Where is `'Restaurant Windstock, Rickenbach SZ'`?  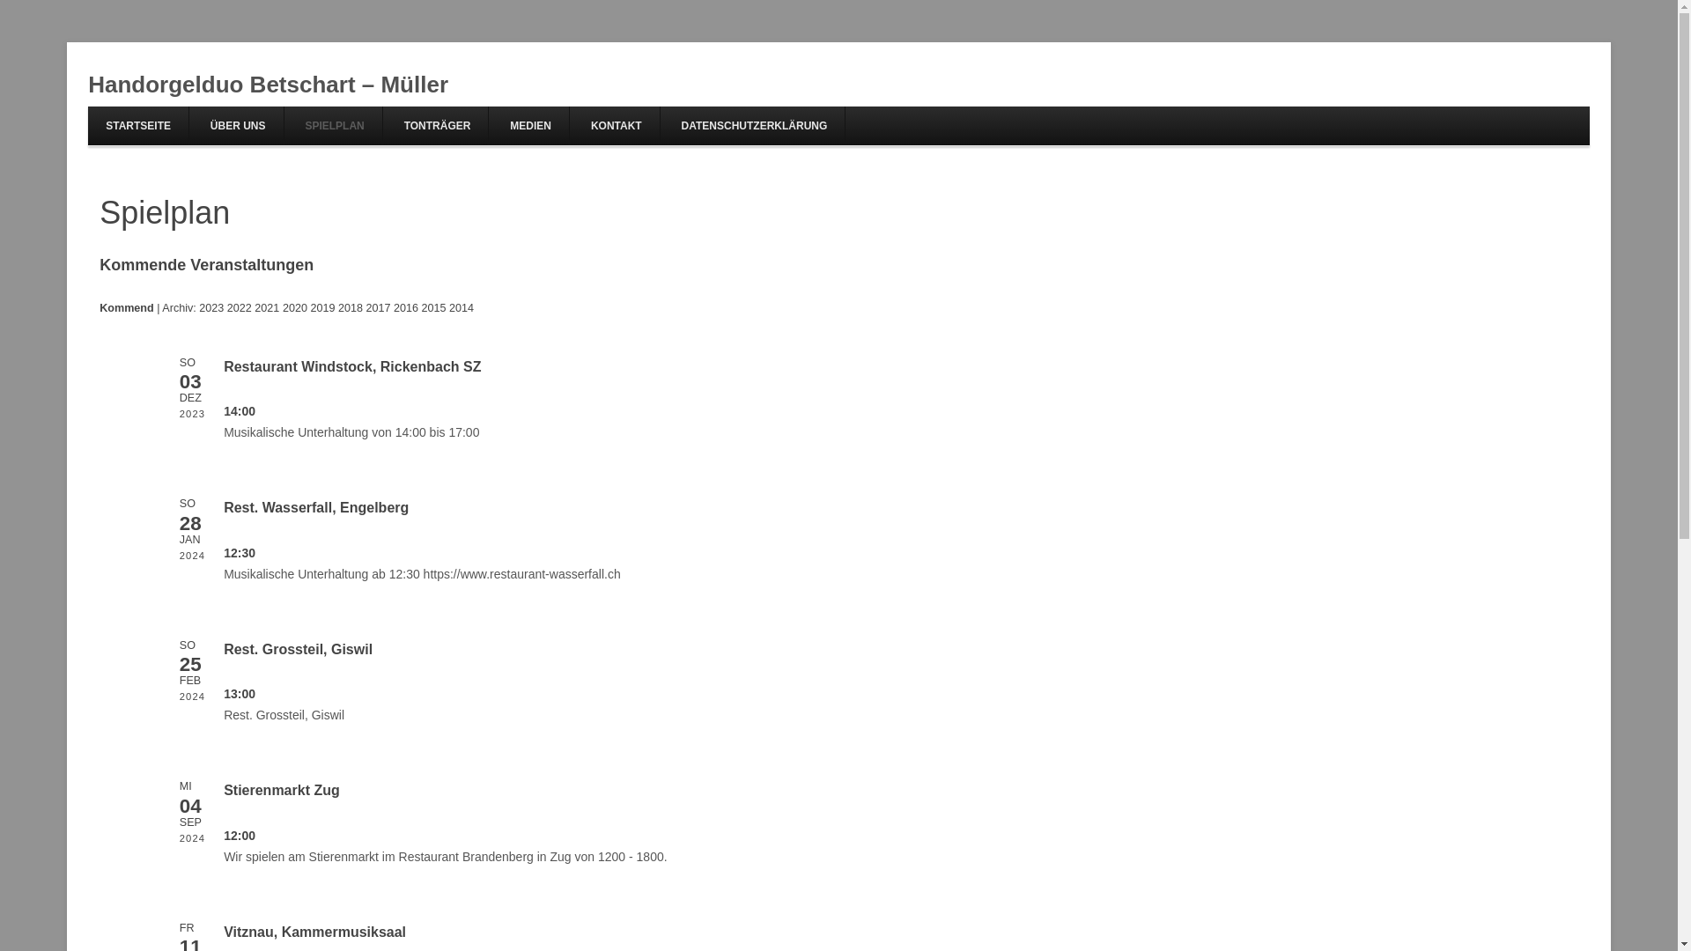
'Restaurant Windstock, Rickenbach SZ' is located at coordinates (223, 365).